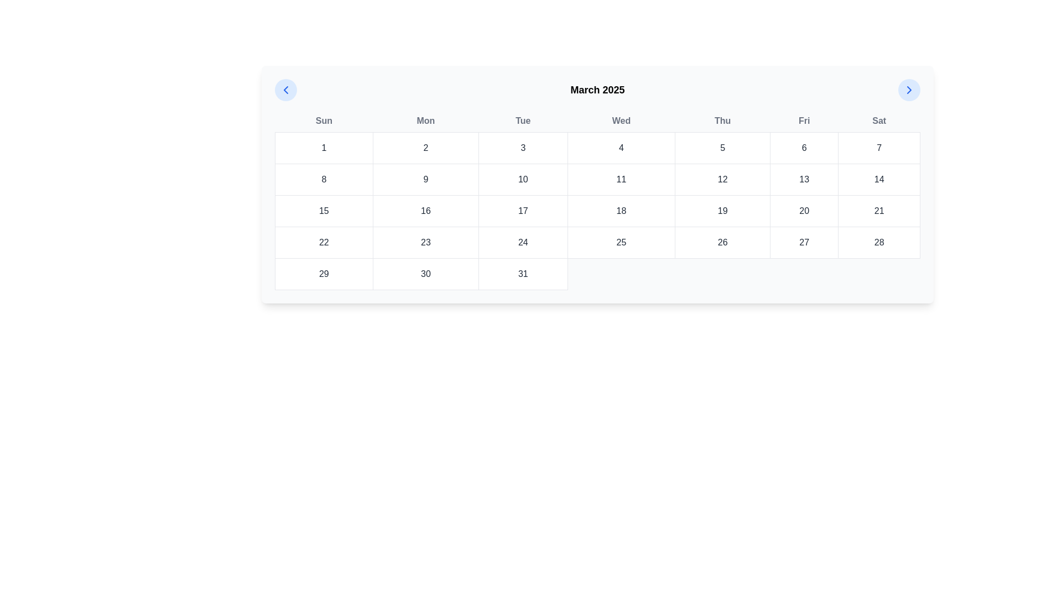 This screenshot has height=597, width=1062. What do you see at coordinates (804, 242) in the screenshot?
I see `the calendar date cell representing the sixth day in the fourth week of March 2025` at bounding box center [804, 242].